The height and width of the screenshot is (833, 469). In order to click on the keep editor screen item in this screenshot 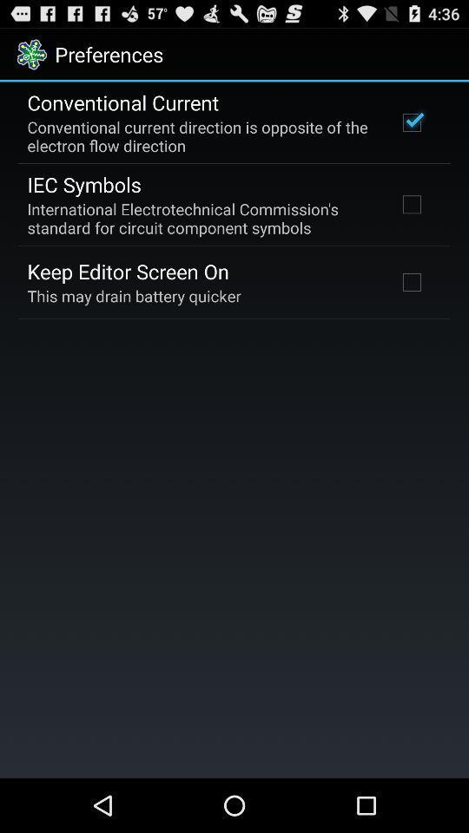, I will do `click(127, 271)`.